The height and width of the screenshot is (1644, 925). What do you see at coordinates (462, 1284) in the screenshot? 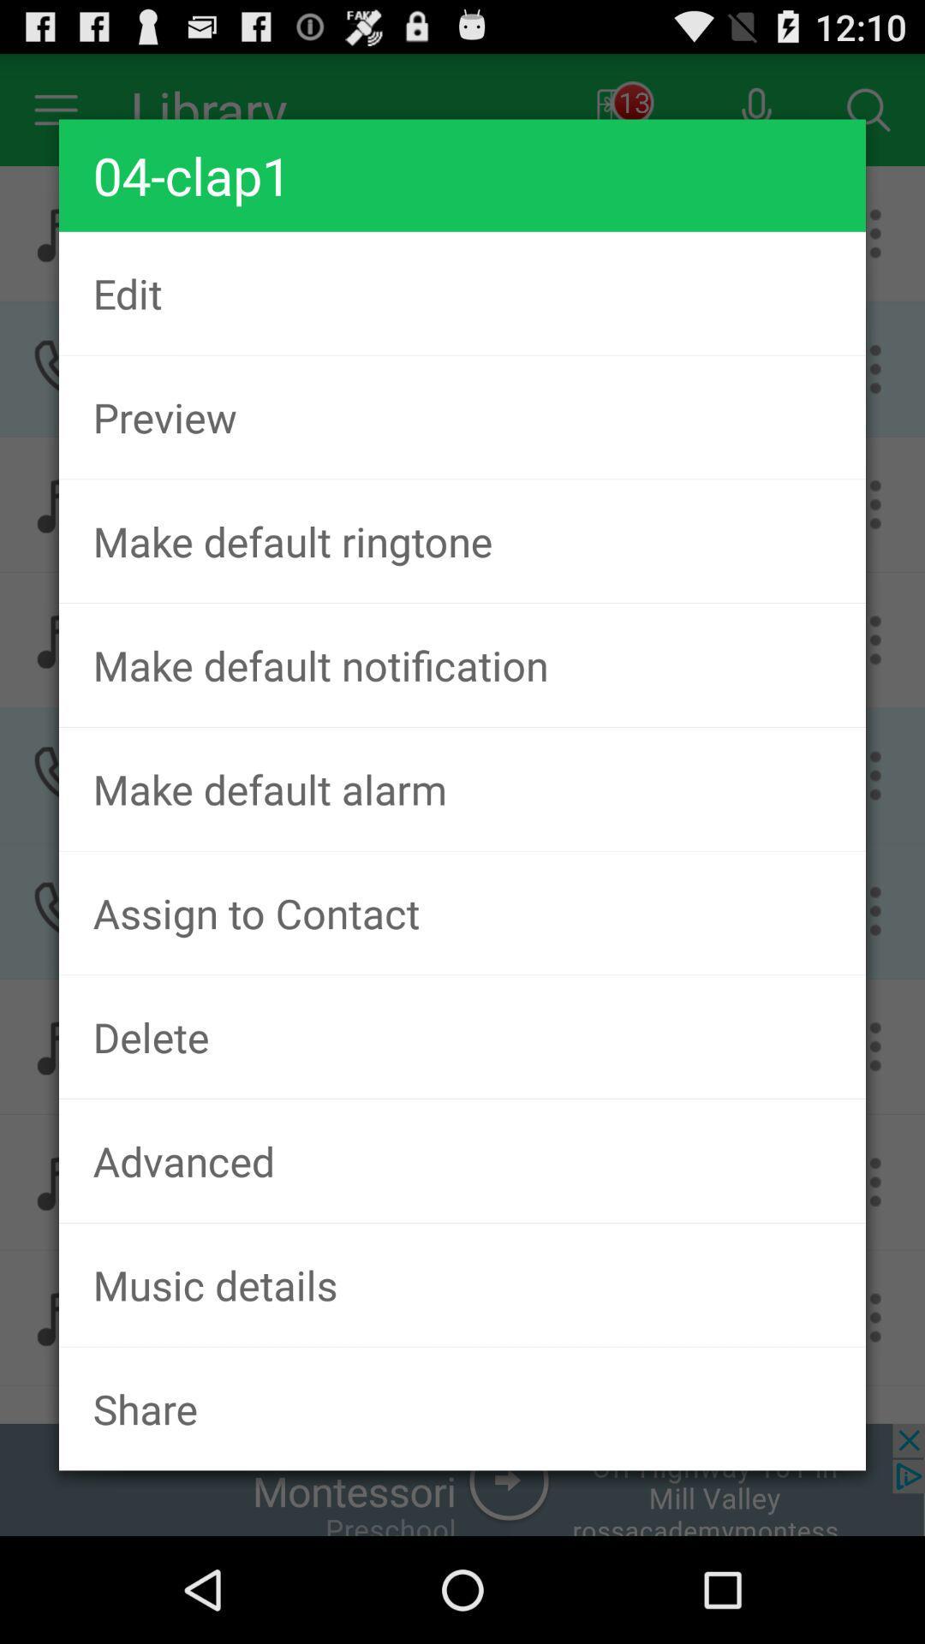
I see `music details item` at bounding box center [462, 1284].